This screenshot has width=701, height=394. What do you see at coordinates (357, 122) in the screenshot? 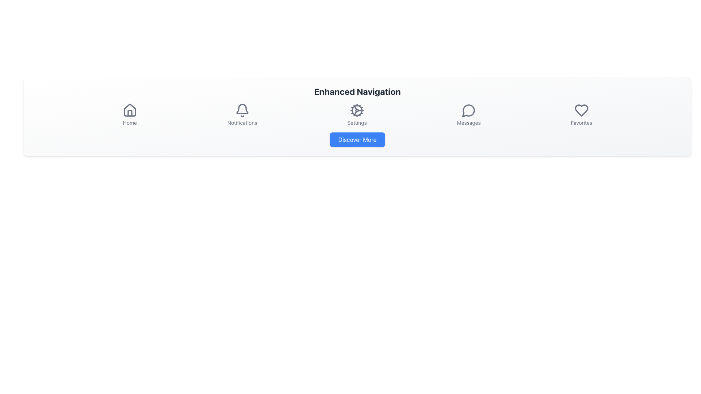
I see `the descriptive text label located below the cogwheel icon in the navigation bar, situated between the 'Notifications' and 'Messages' sections` at bounding box center [357, 122].